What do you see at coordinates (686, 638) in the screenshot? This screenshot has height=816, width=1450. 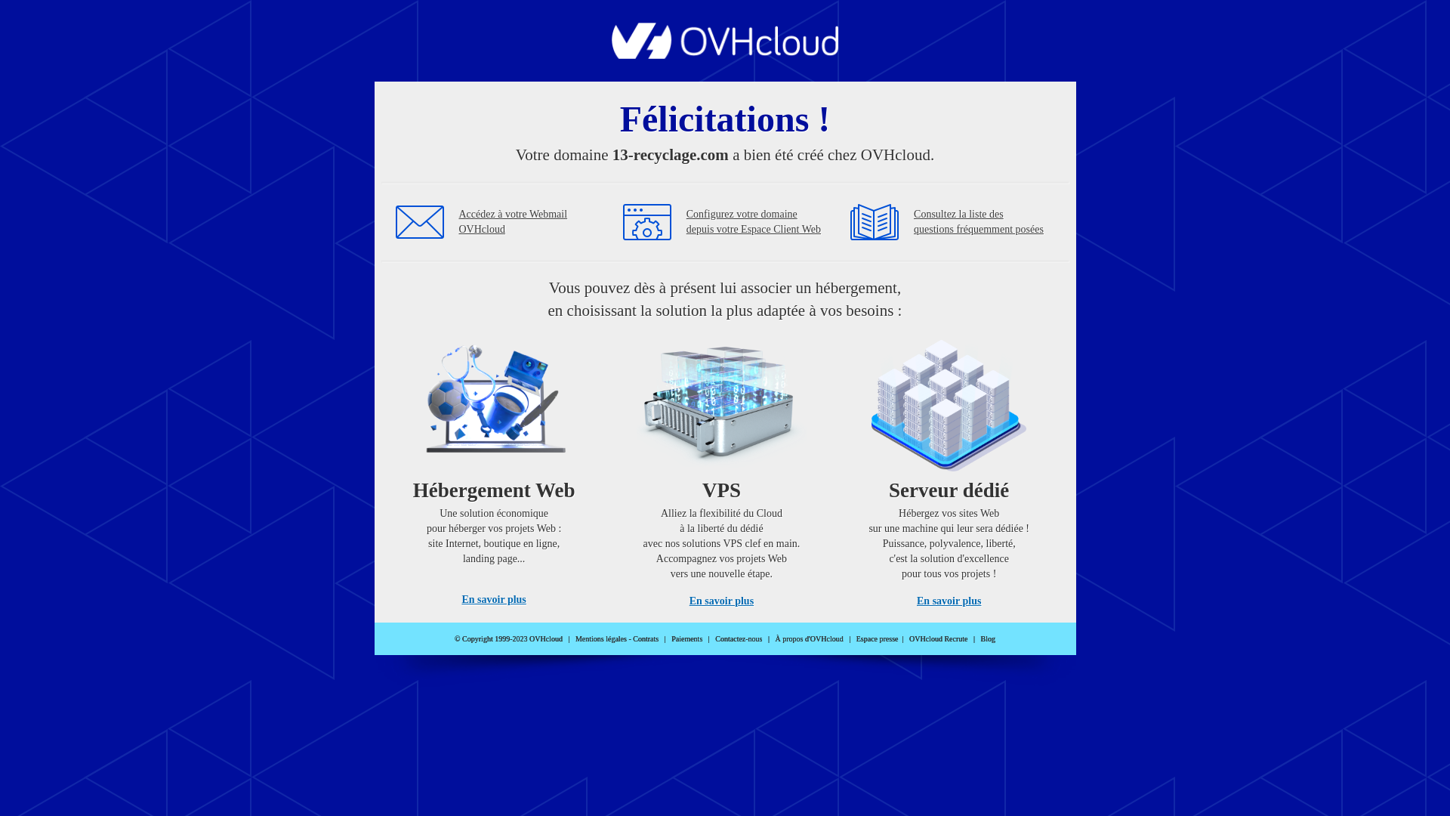 I see `'Paiements'` at bounding box center [686, 638].